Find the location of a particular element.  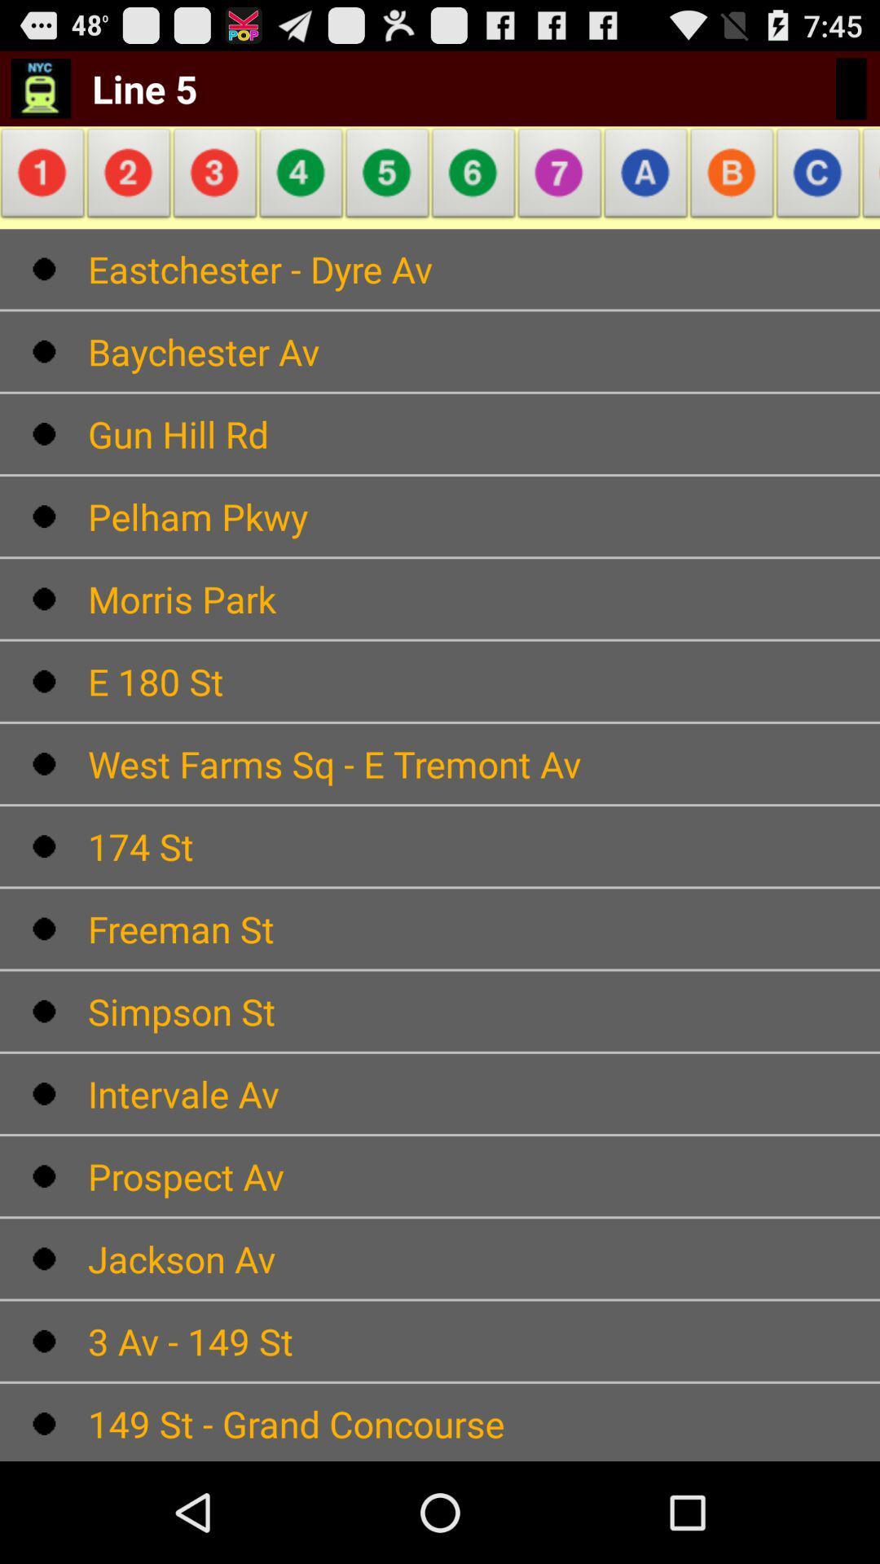

the button c which is right of button b is located at coordinates (818, 177).